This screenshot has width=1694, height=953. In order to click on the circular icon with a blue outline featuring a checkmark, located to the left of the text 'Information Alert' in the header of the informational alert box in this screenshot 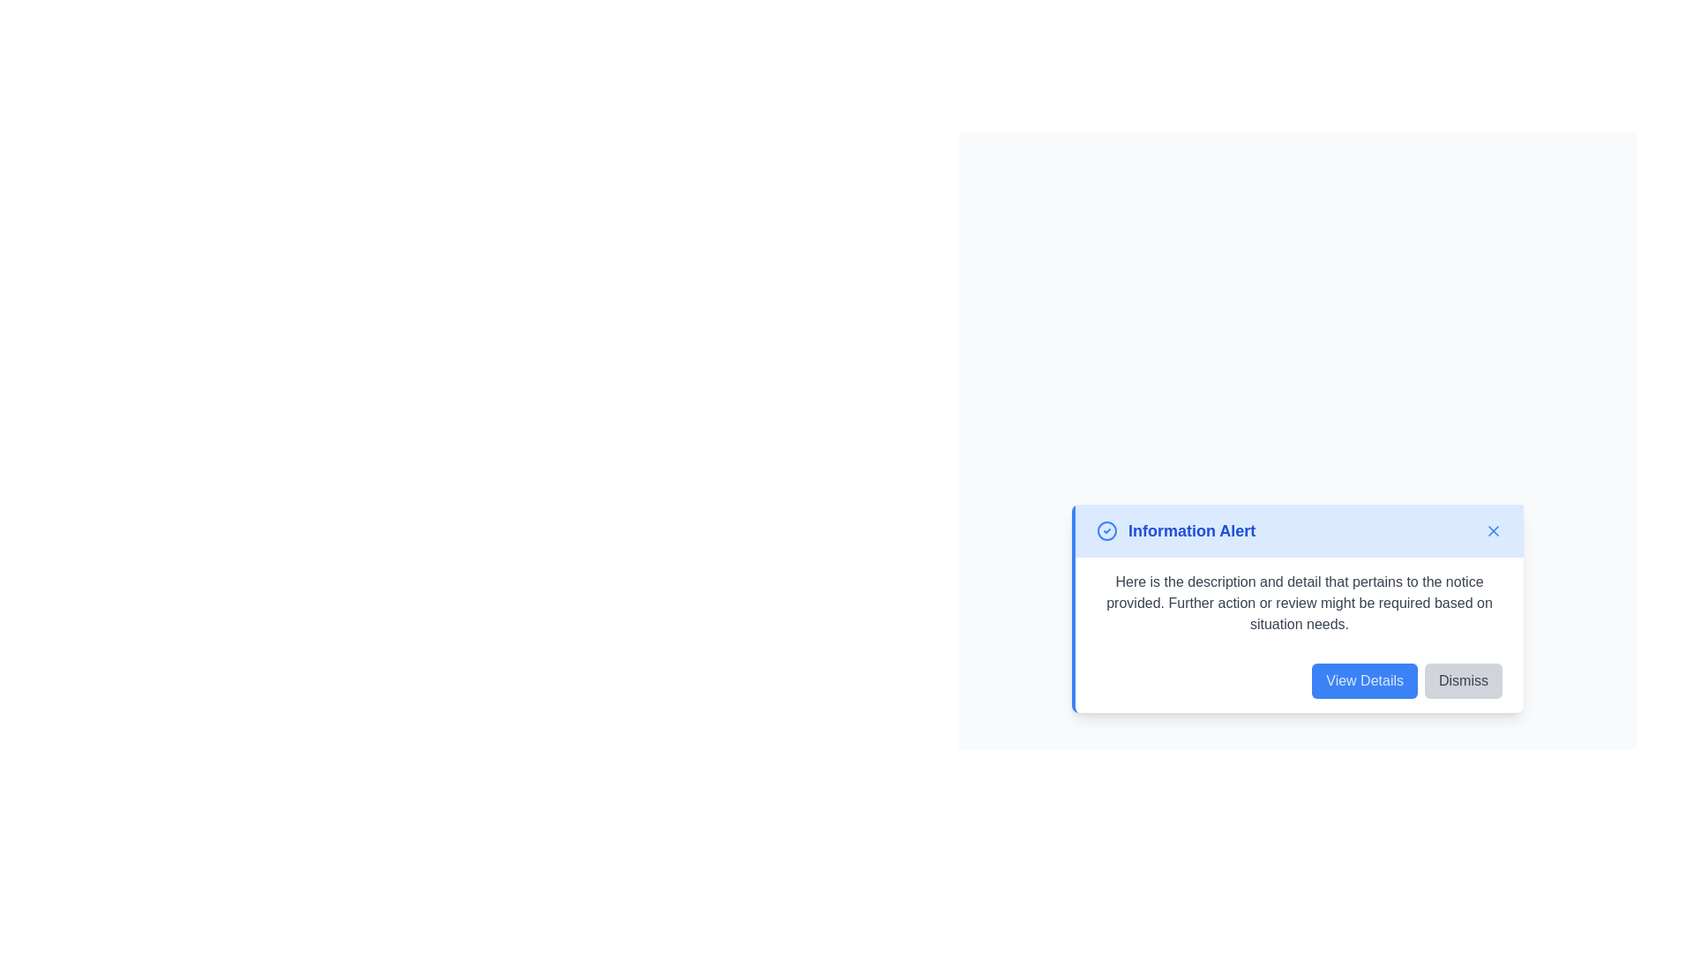, I will do `click(1106, 529)`.